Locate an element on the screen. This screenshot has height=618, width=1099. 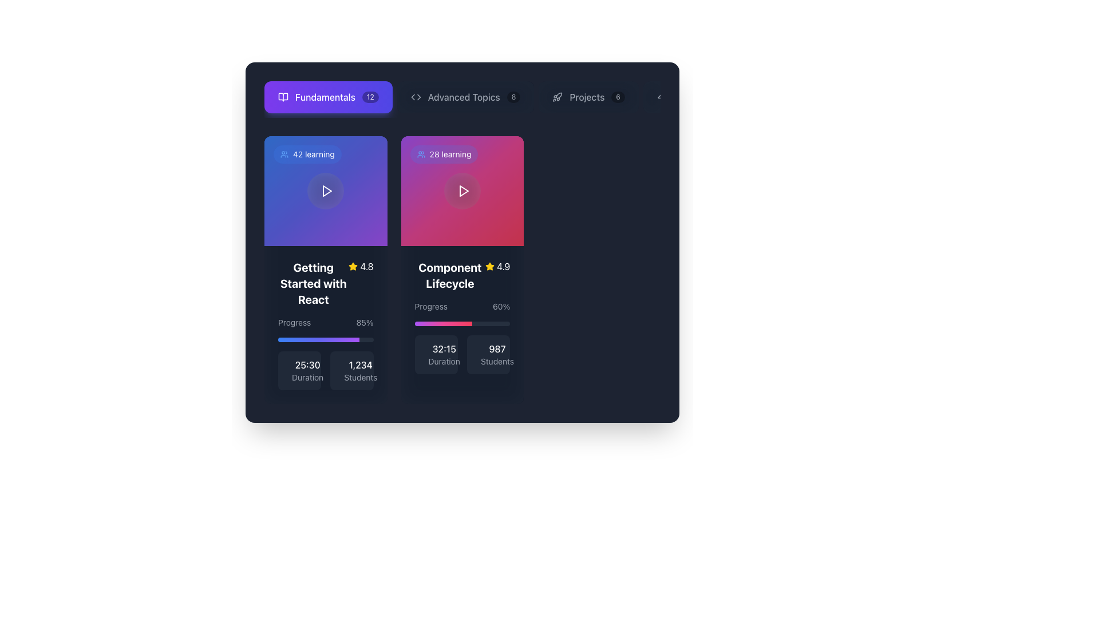
the navigational button for 'Advanced Topics' located between 'Fundamentals' and 'Projects' is located at coordinates (465, 96).